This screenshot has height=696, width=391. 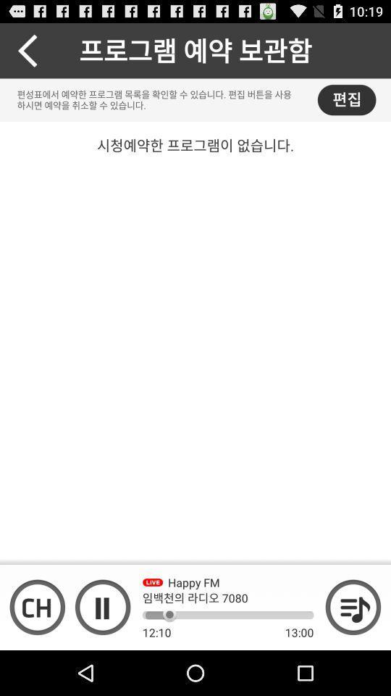 What do you see at coordinates (102, 649) in the screenshot?
I see `the pause icon` at bounding box center [102, 649].